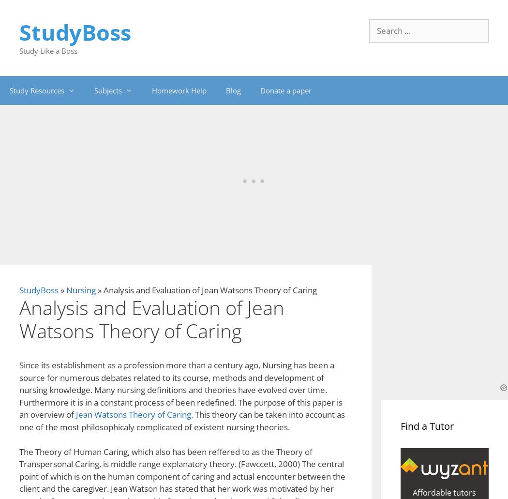 The width and height of the screenshot is (508, 499). Describe the element at coordinates (105, 253) in the screenshot. I see `'Harvard'` at that location.